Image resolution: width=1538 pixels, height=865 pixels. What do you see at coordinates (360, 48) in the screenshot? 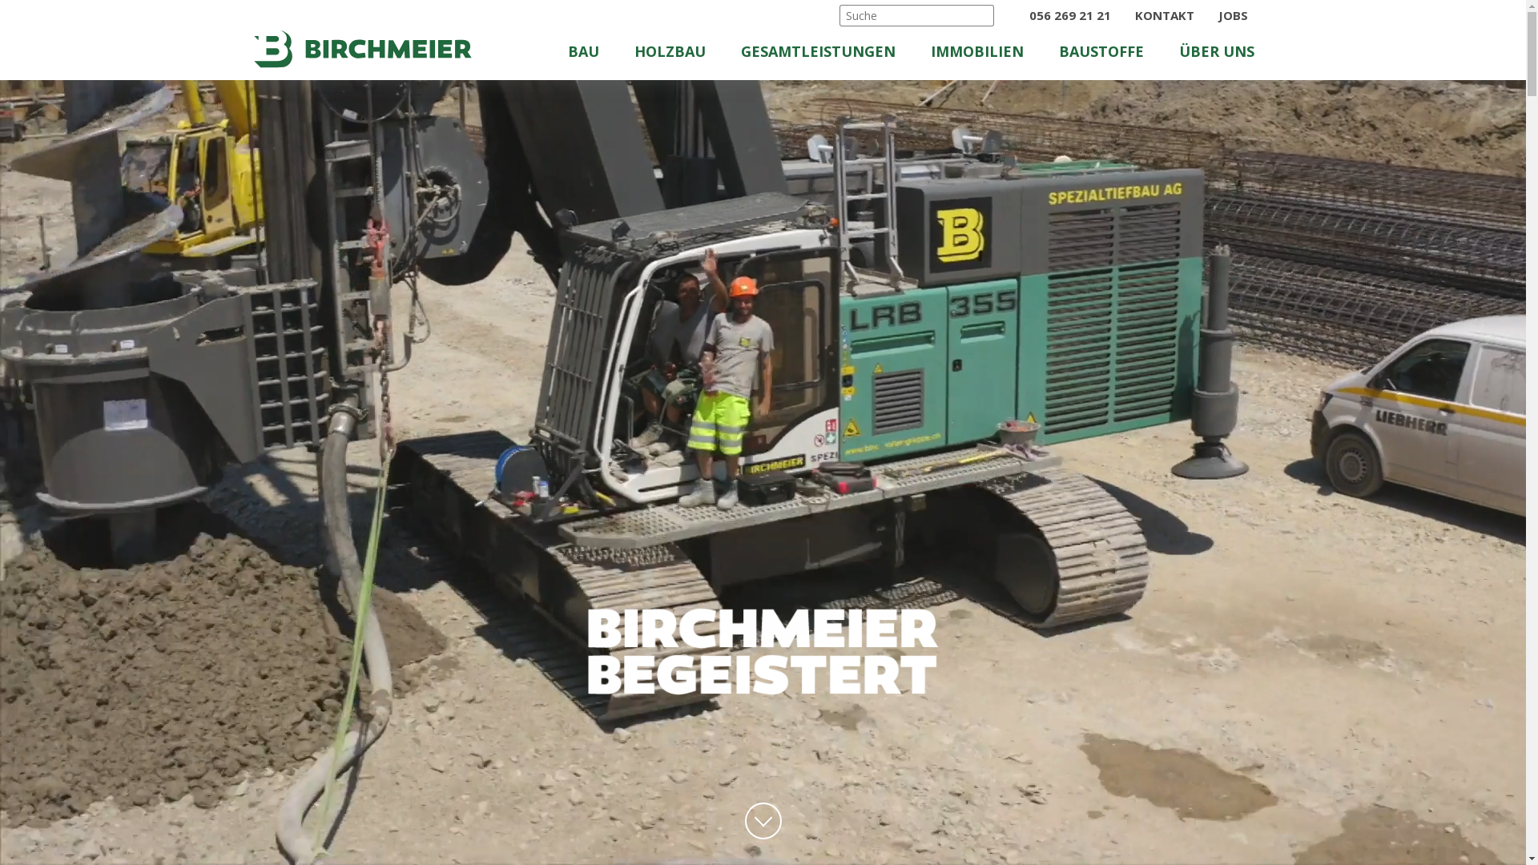
I see `'Home'` at bounding box center [360, 48].